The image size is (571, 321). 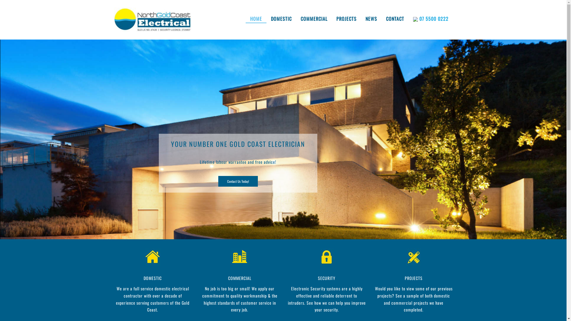 I want to click on 'PROJECTS', so click(x=413, y=278).